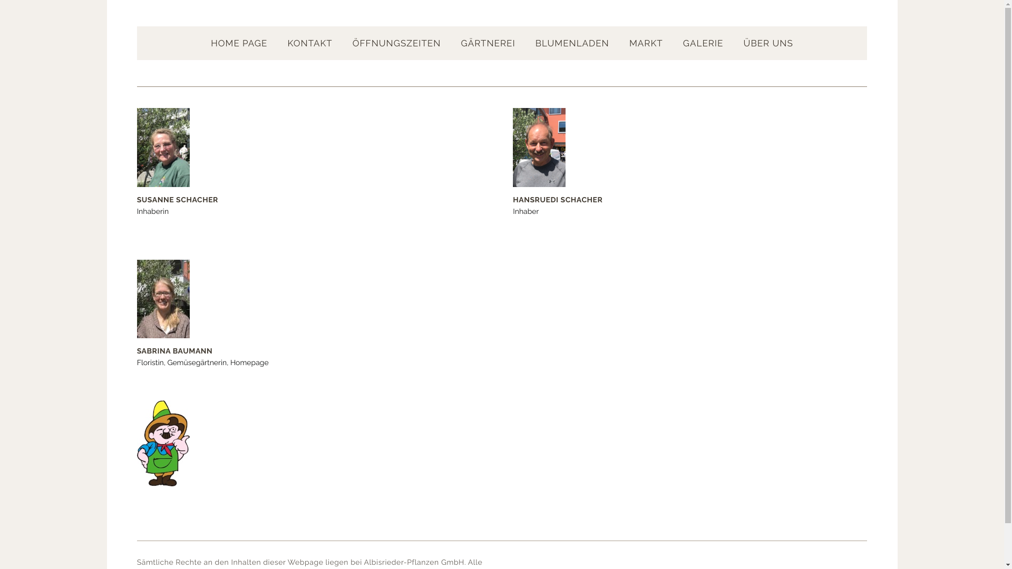 The width and height of the screenshot is (1012, 569). Describe the element at coordinates (278, 42) in the screenshot. I see `'KONTAKT'` at that location.